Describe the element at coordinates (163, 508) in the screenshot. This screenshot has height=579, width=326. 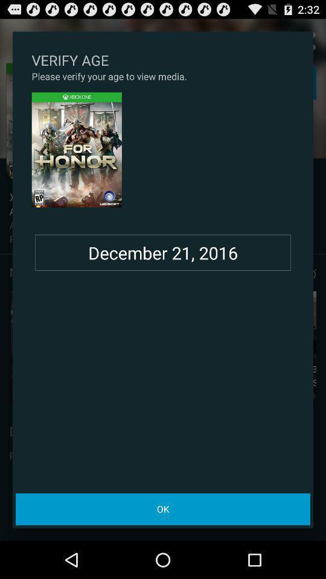
I see `the item below december 21, 2016 icon` at that location.